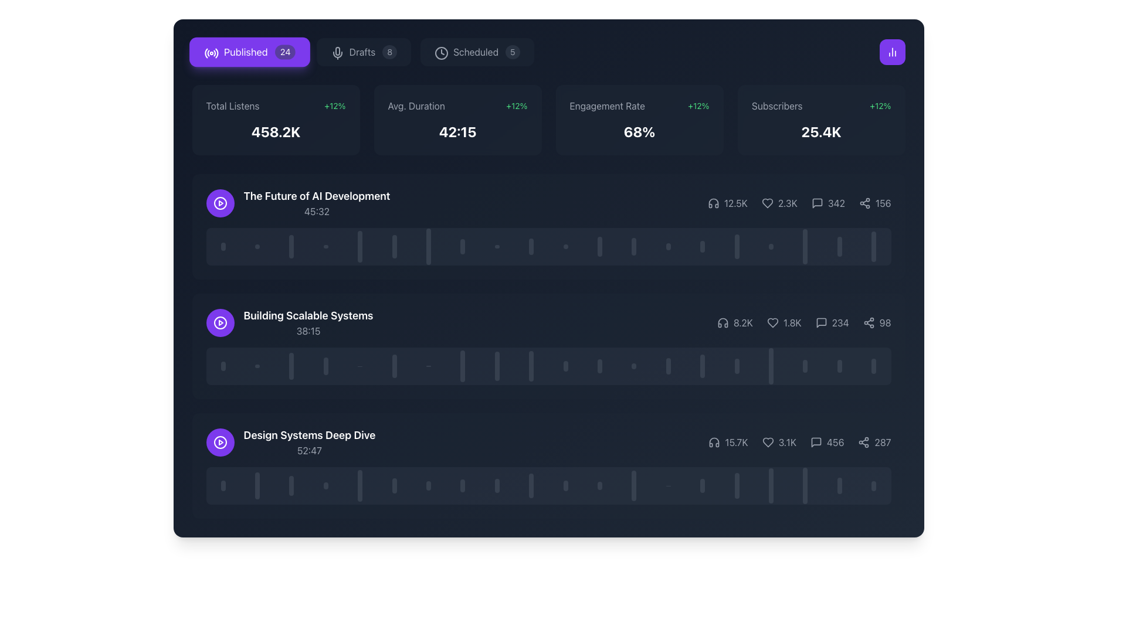 The width and height of the screenshot is (1126, 633). I want to click on the 13th vertical bar chart column element located in the second timeline interface beneath the 'Building Scalable Systems' podcast entry, so click(633, 365).